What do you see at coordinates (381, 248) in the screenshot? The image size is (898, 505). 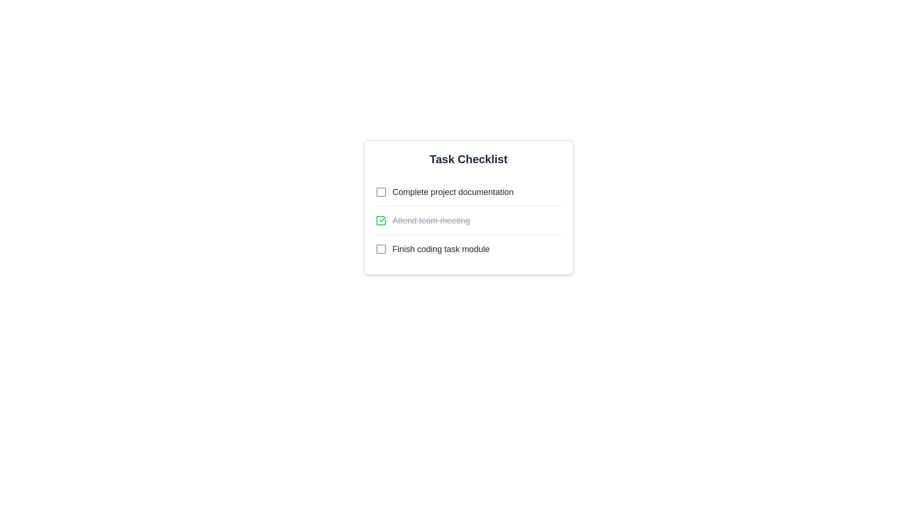 I see `the checkbox adjacent to the text 'Finish coding task module'` at bounding box center [381, 248].